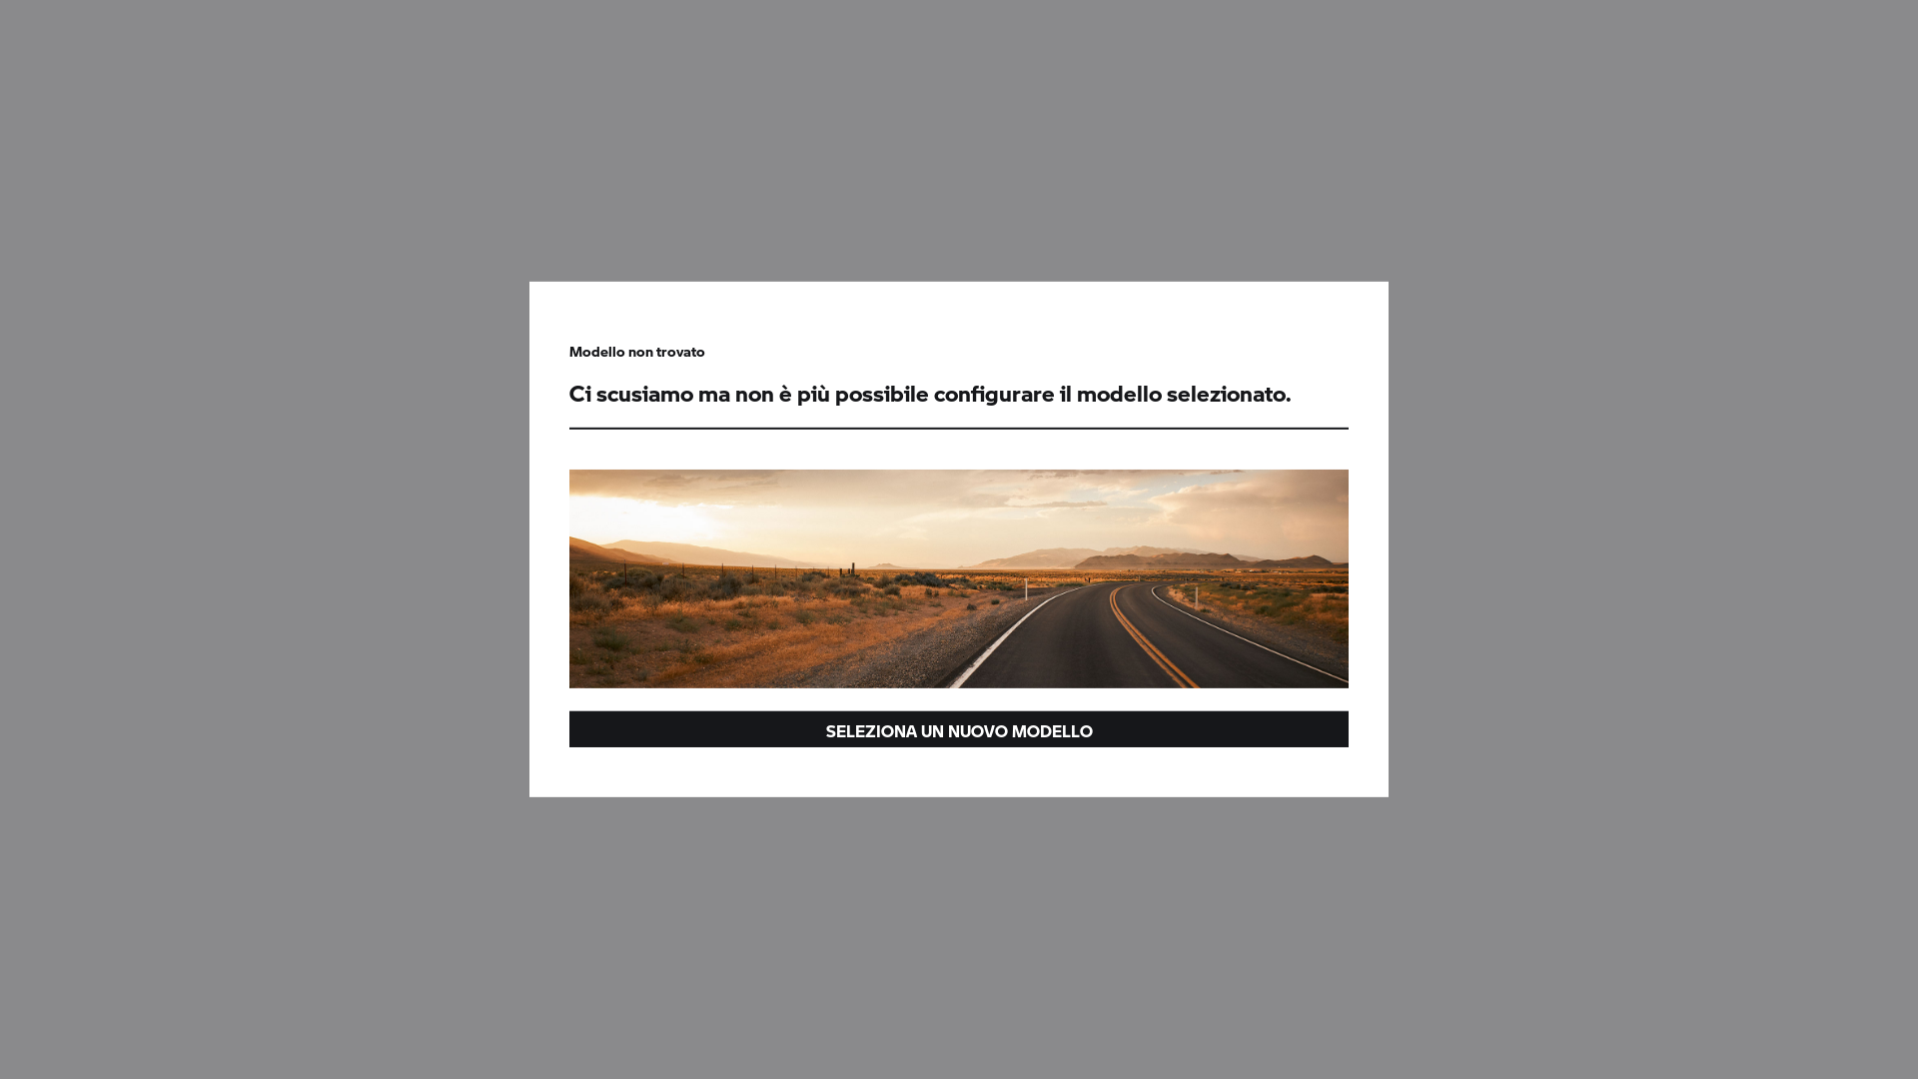 The height and width of the screenshot is (1079, 1918). Describe the element at coordinates (959, 728) in the screenshot. I see `'SELEZIONA UN NUOVO MODELLO'` at that location.